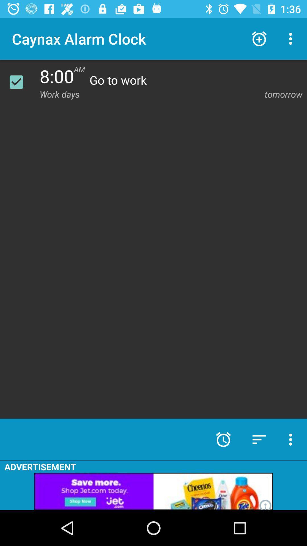 This screenshot has height=546, width=307. I want to click on the button which is at top right corner of page, so click(292, 39).